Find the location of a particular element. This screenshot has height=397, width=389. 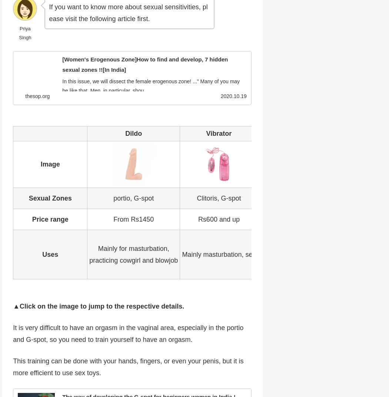

'Clitoris, G-spot' is located at coordinates (218, 197).